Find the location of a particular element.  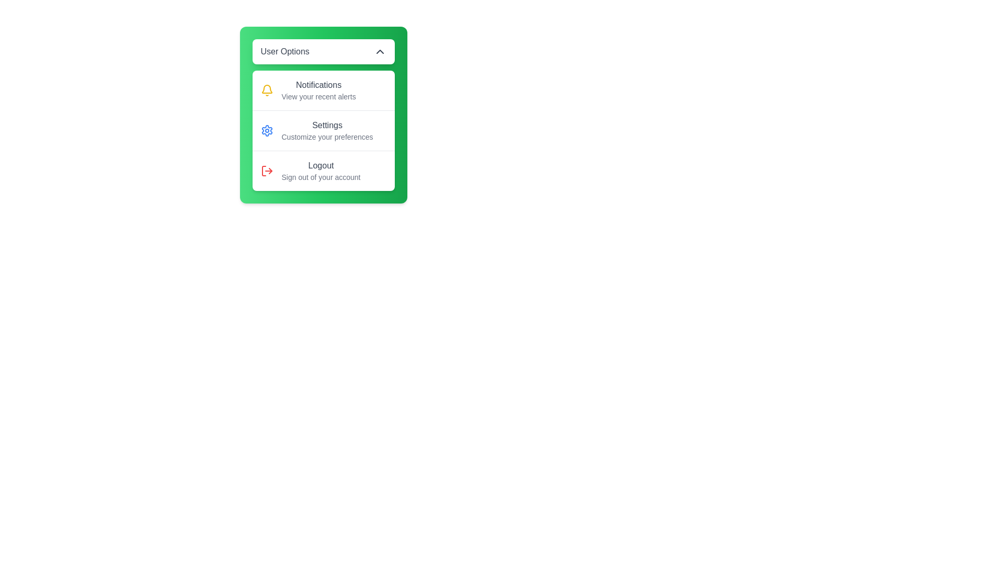

the 'User Options' Dropdown toggle button is located at coordinates (323, 52).